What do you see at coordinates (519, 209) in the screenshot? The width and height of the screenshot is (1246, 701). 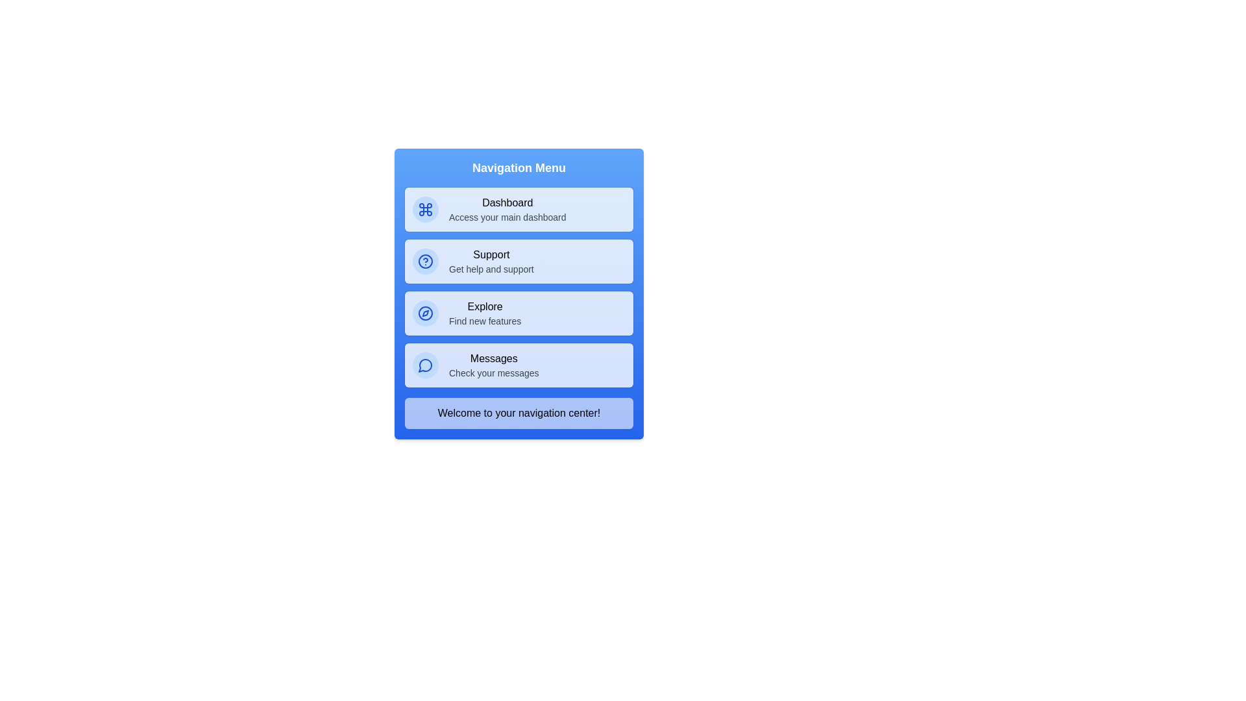 I see `the menu item corresponding to Dashboard` at bounding box center [519, 209].